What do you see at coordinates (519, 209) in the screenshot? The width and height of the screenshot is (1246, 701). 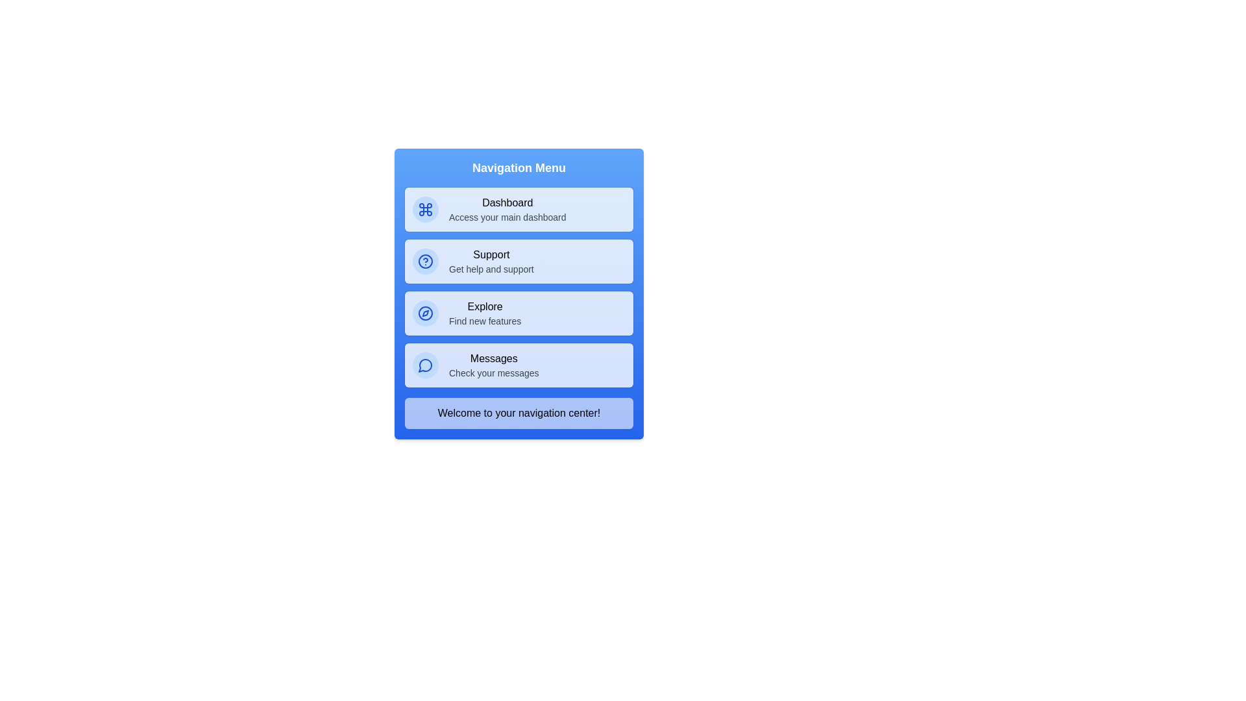 I see `the menu item corresponding to Dashboard` at bounding box center [519, 209].